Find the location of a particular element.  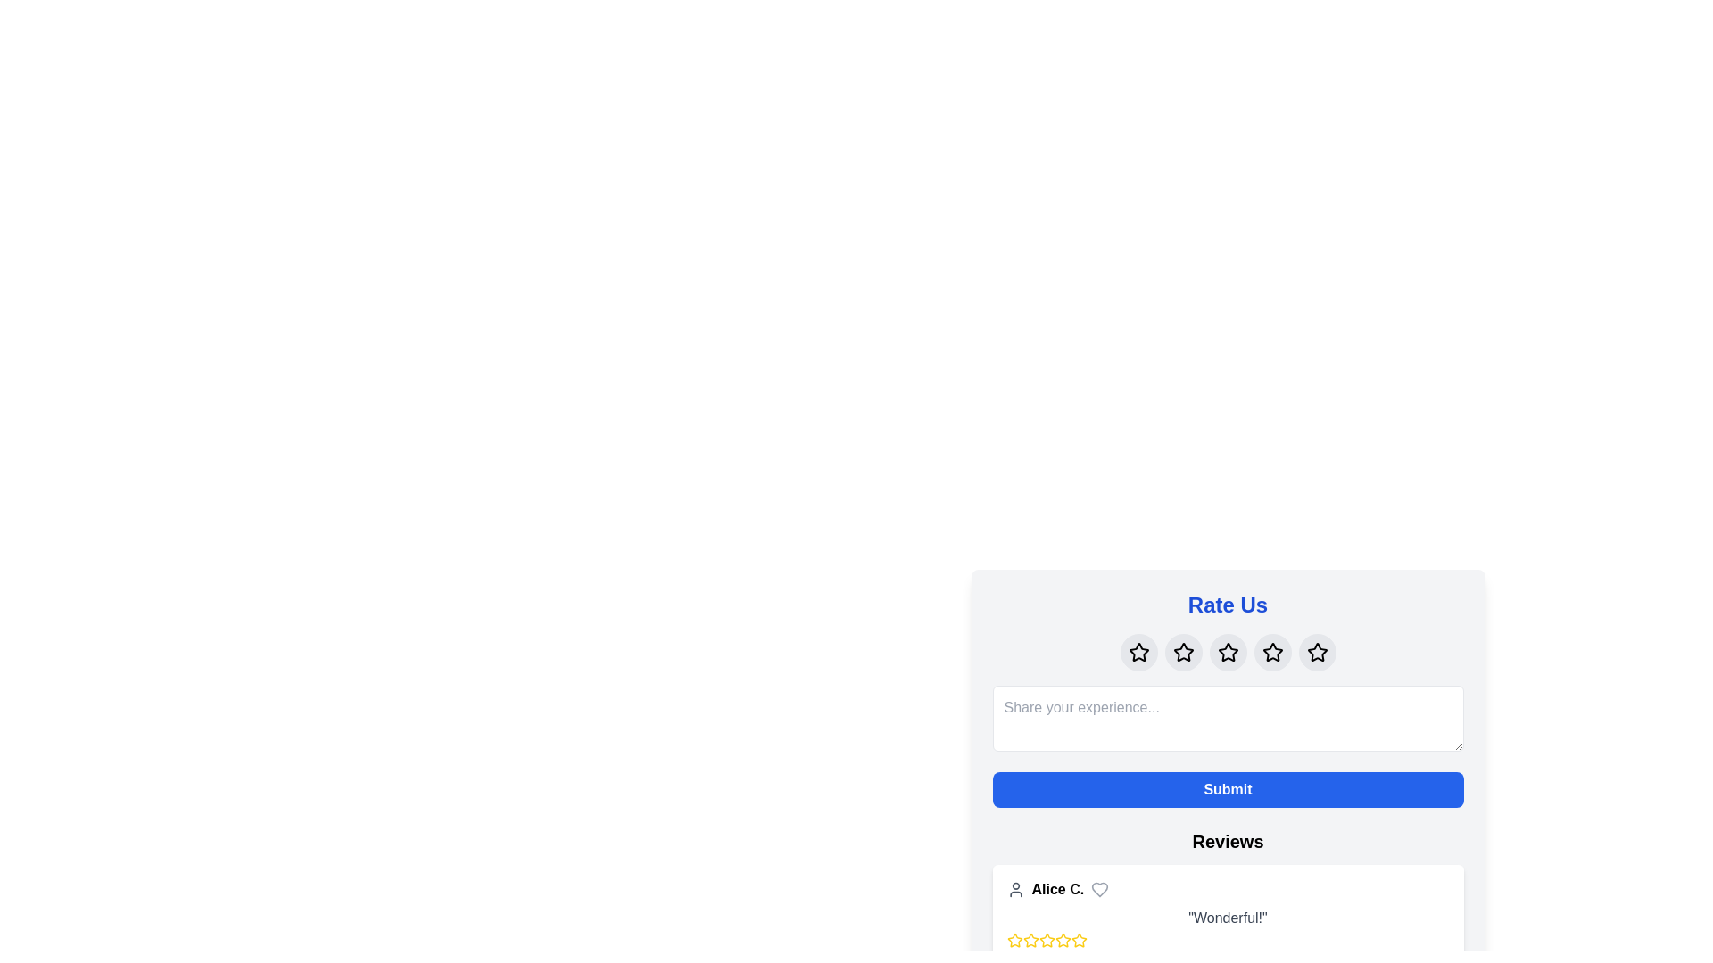

the submit button located directly below the 'Share your experience...' text input box is located at coordinates (1227, 789).